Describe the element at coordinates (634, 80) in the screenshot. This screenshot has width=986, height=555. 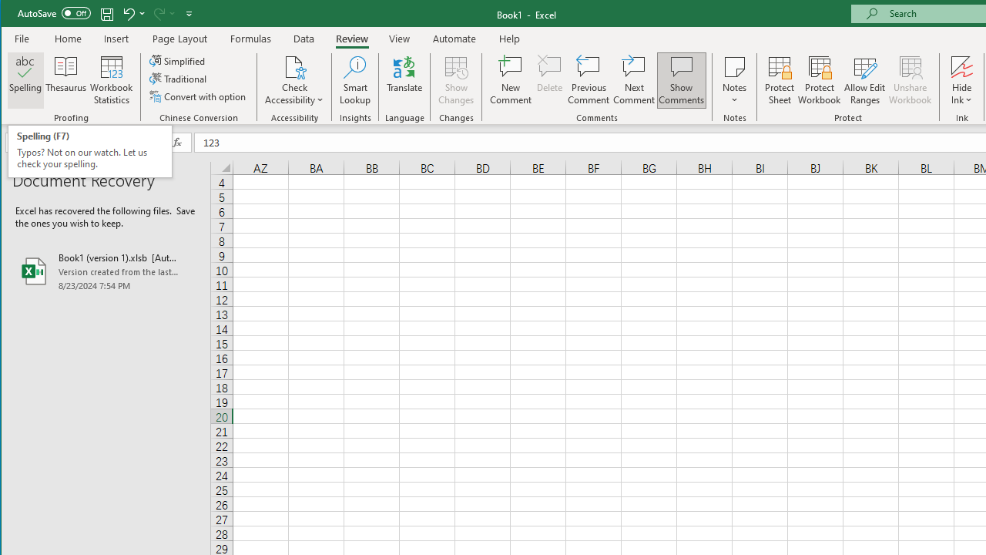
I see `'Next Comment'` at that location.